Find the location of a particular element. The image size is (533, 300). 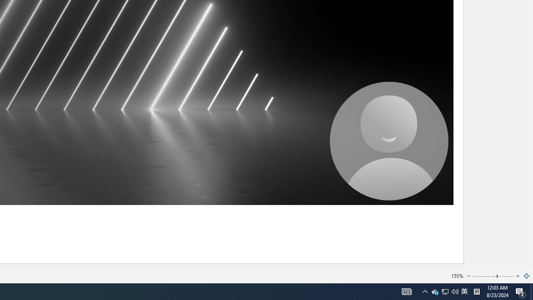

'Page left' is located at coordinates (484, 276).